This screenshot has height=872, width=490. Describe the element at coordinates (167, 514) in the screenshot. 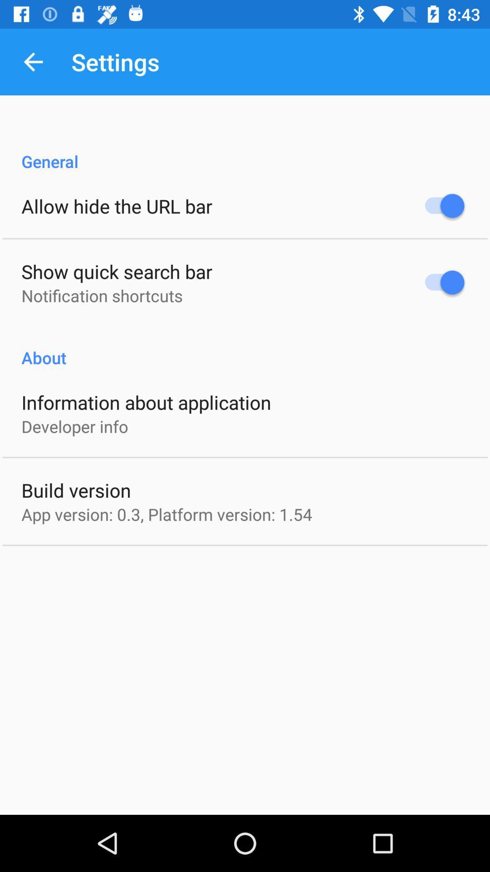

I see `app version 0 item` at that location.